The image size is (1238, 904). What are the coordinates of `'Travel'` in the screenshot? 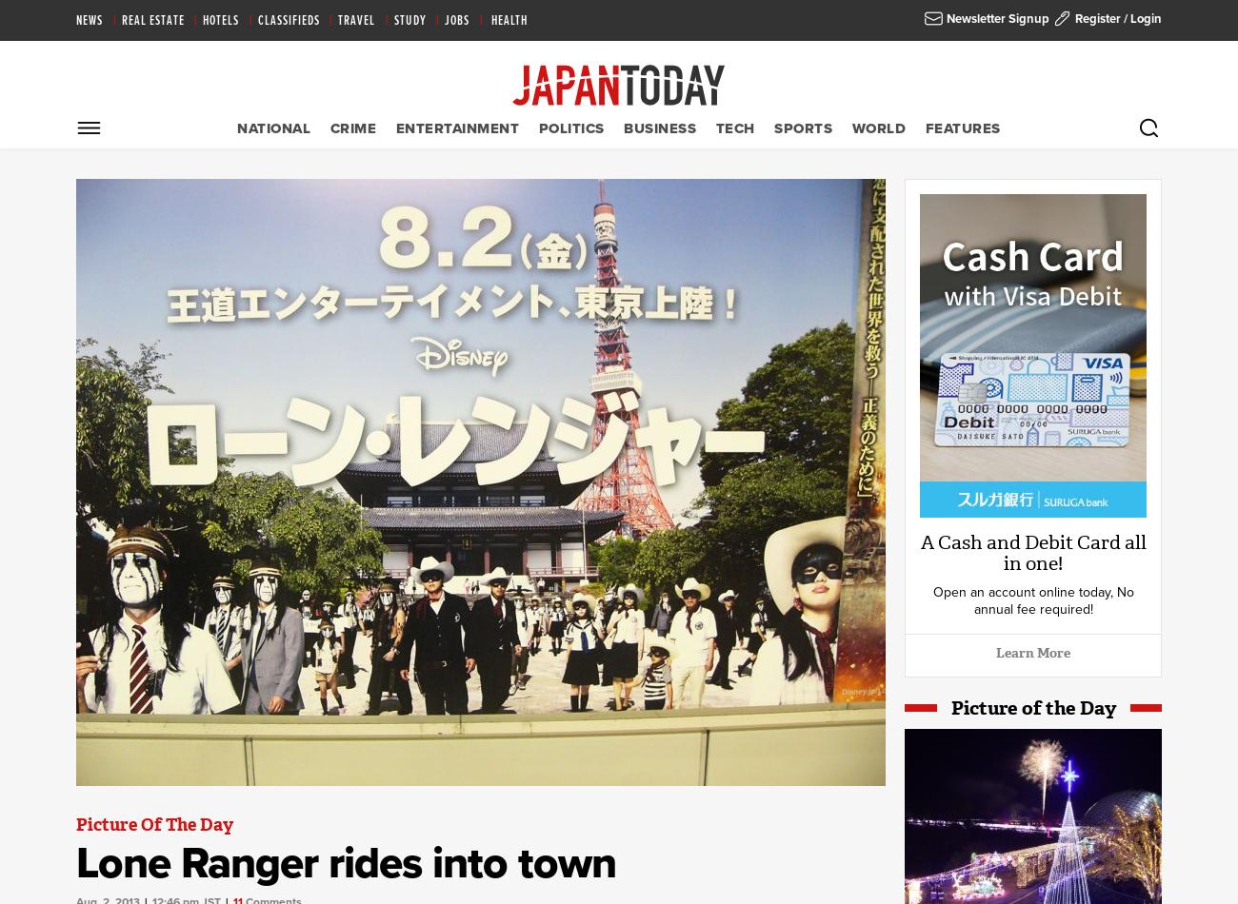 It's located at (337, 21).